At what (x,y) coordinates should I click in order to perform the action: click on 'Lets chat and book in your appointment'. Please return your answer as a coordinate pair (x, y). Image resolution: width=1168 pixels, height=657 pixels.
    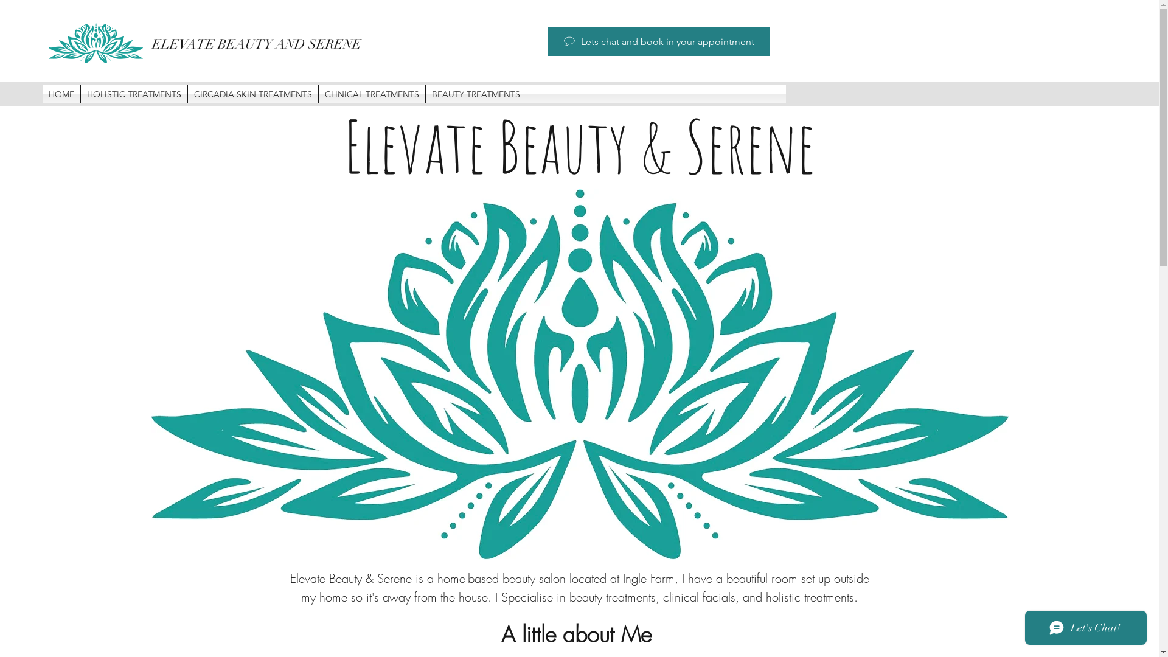
    Looking at the image, I should click on (658, 41).